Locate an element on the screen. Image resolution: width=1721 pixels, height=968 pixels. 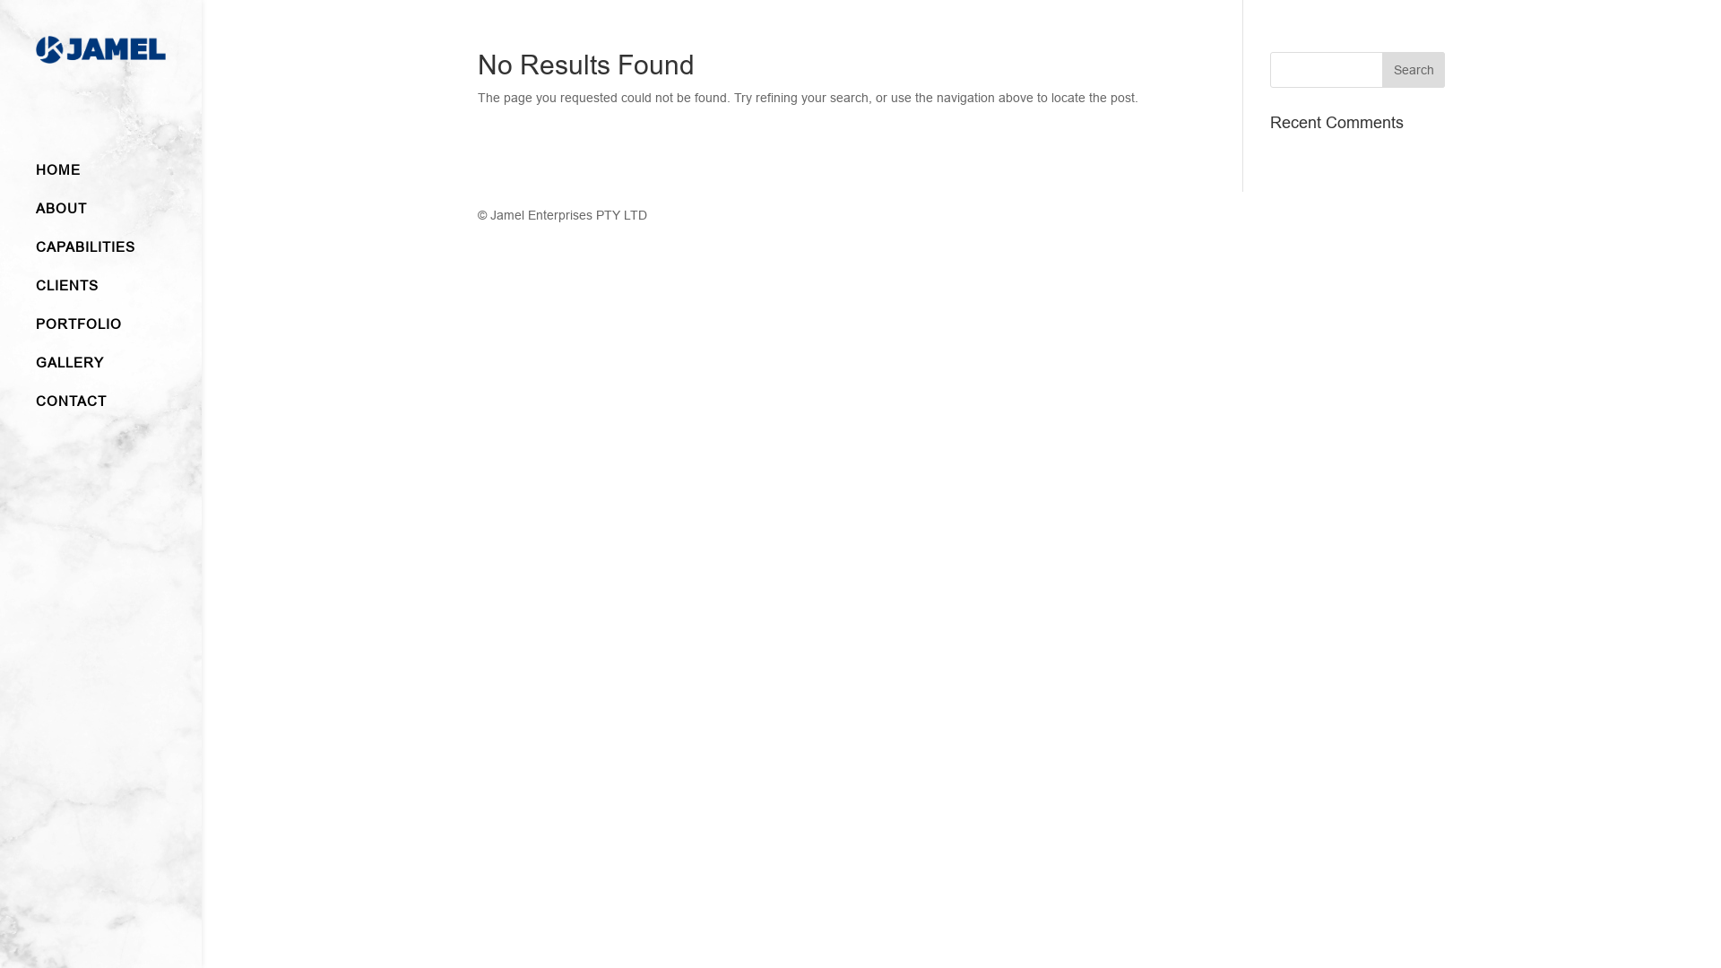
'GALLERY' is located at coordinates (117, 370).